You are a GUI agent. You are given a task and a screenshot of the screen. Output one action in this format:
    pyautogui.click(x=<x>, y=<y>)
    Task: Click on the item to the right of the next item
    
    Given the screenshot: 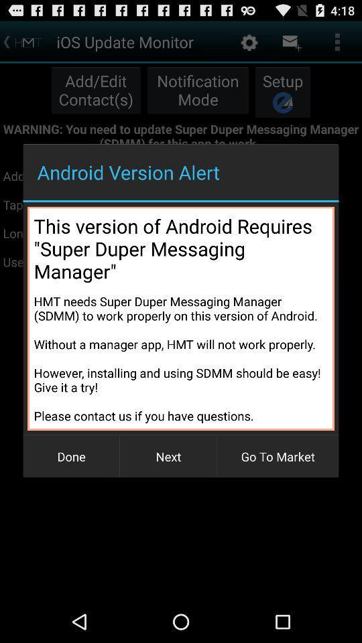 What is the action you would take?
    pyautogui.click(x=277, y=456)
    